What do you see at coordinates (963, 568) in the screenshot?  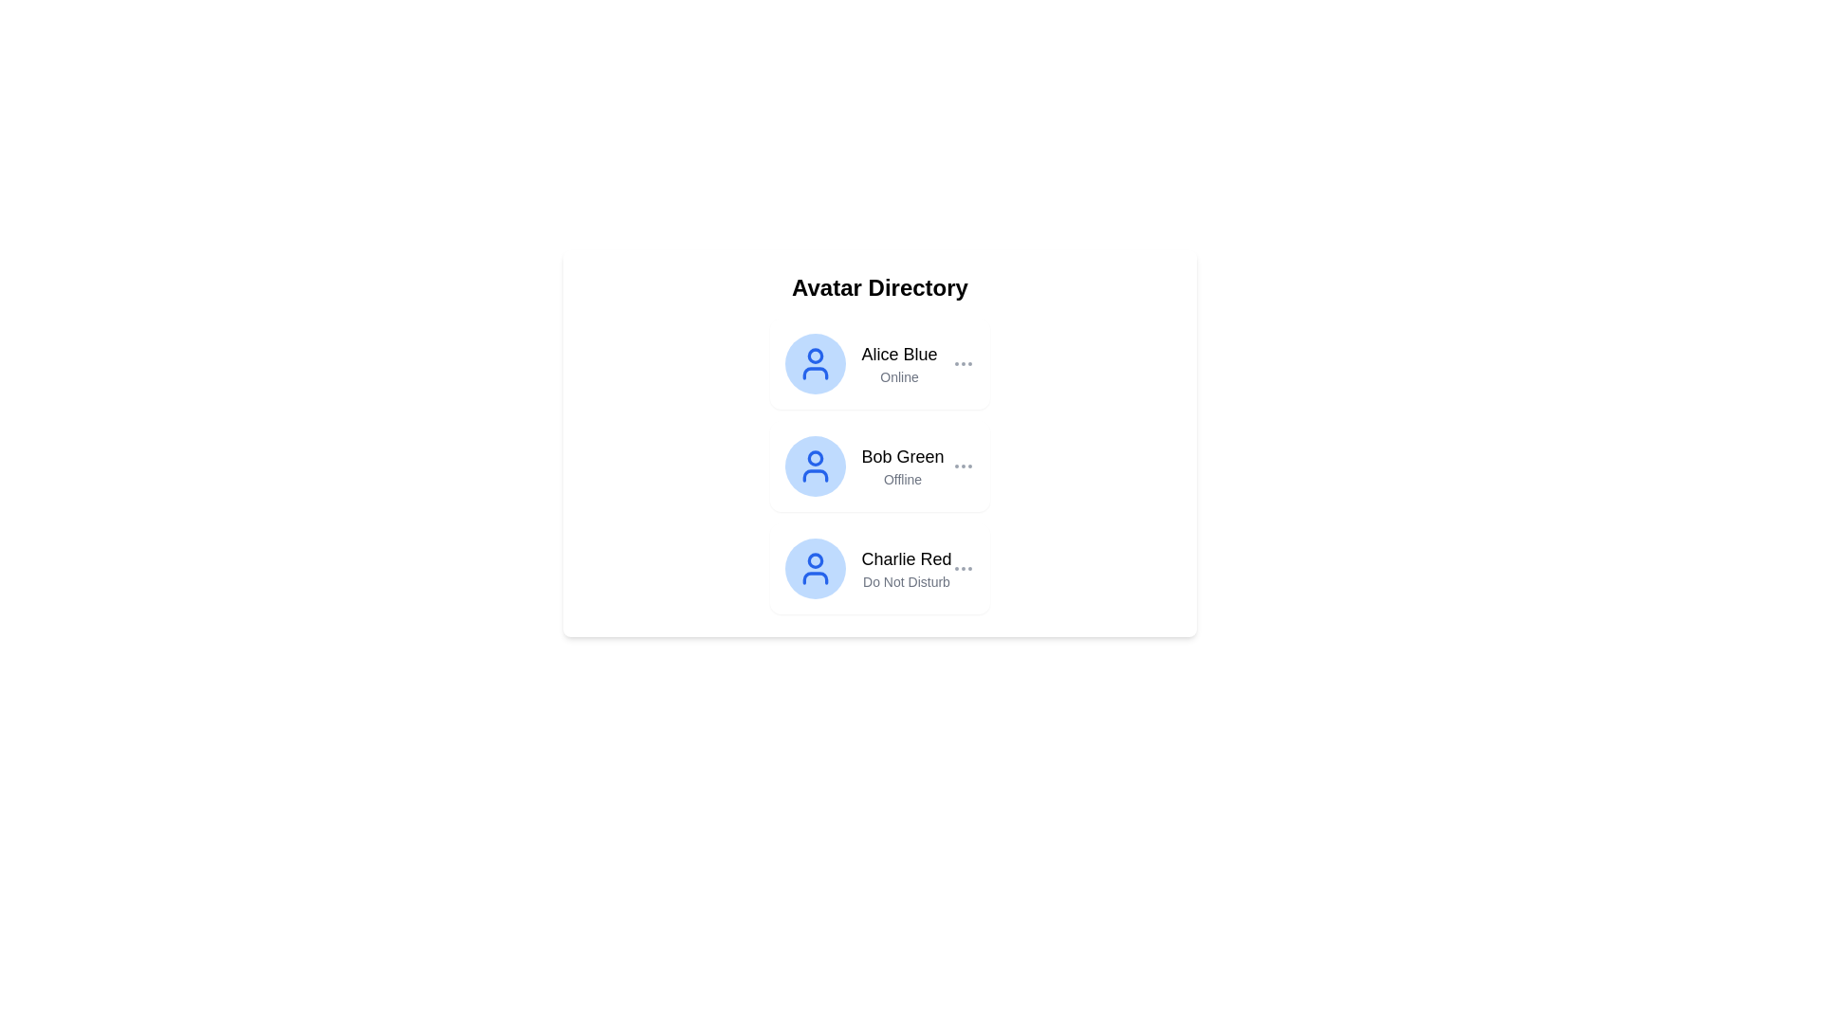 I see `the ellipsis button located in the rightmost section of the third entry named 'Charlie Red', which has a blue user avatar and the status 'Do Not Disturb'` at bounding box center [963, 568].